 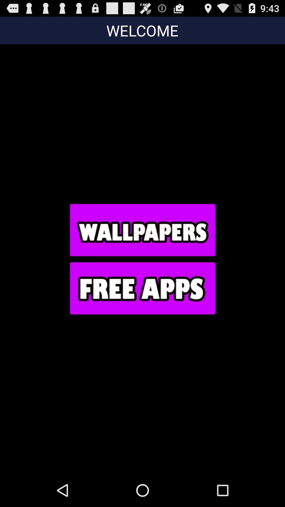 What do you see at coordinates (142, 288) in the screenshot?
I see `go do free apps` at bounding box center [142, 288].